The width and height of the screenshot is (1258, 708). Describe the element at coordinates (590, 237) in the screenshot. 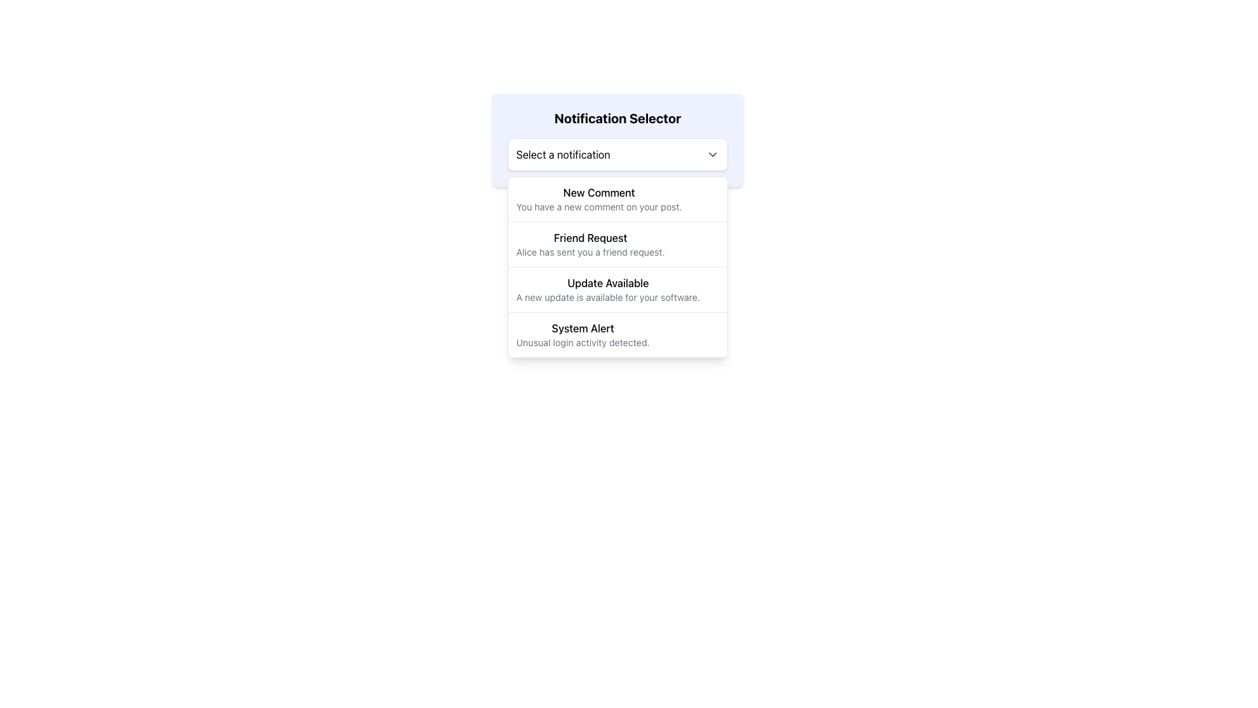

I see `the heading text for the notification entry that summarizes its content, specifically for the Friend Request notification, which is located in the second row of the vertical list under 'Notification Selector'` at that location.